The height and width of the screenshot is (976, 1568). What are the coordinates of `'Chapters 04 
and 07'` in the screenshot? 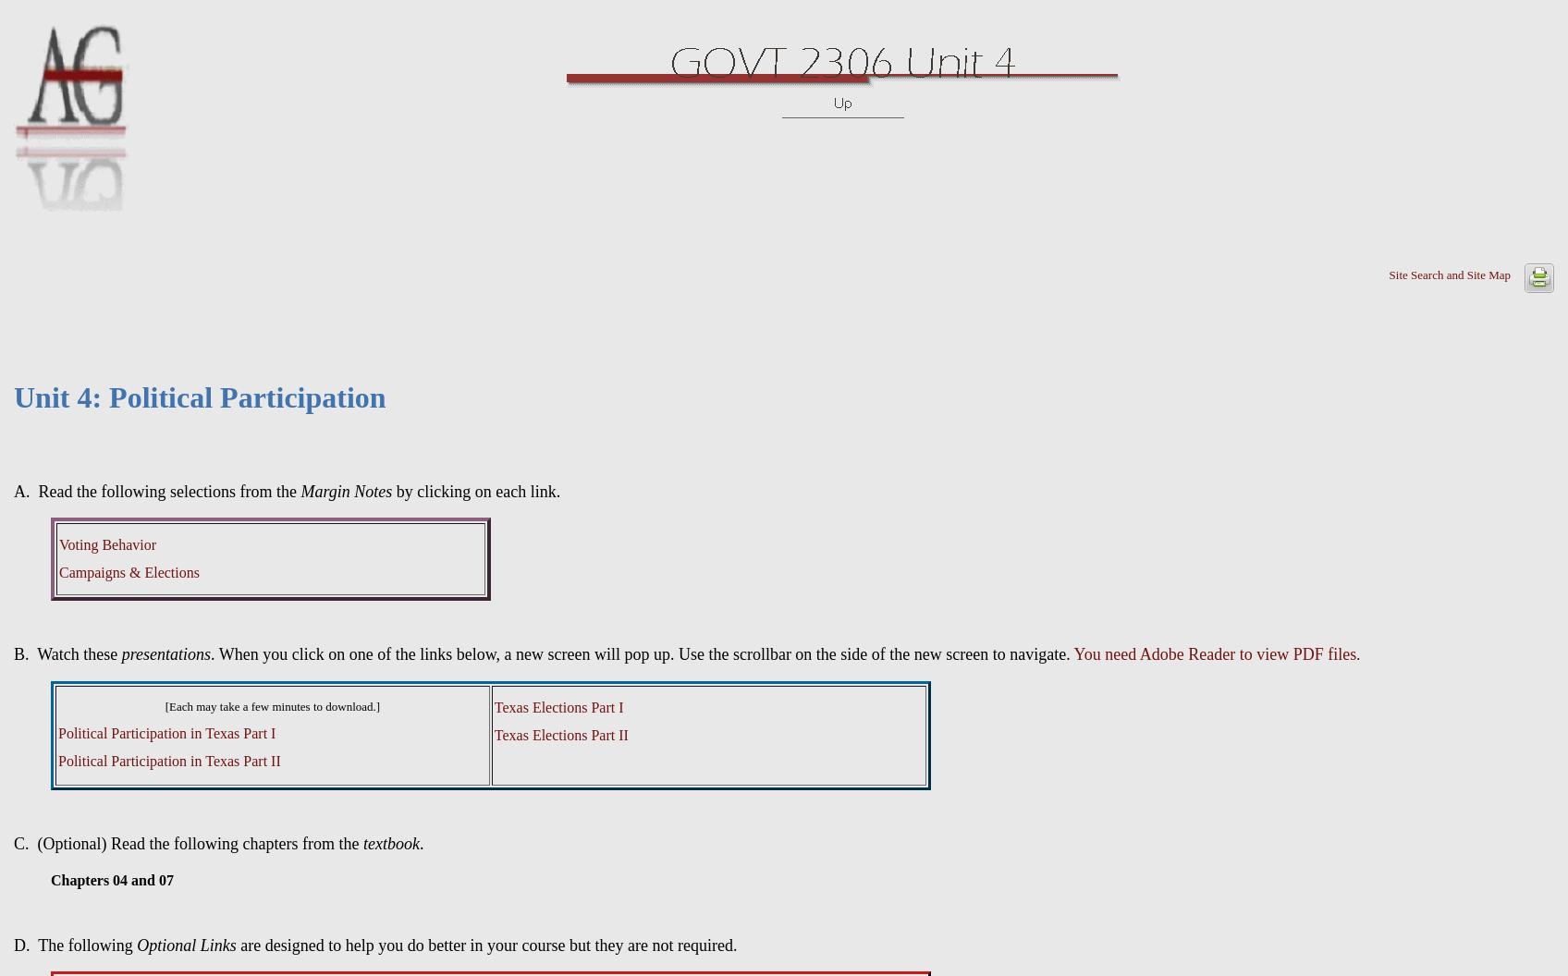 It's located at (110, 880).